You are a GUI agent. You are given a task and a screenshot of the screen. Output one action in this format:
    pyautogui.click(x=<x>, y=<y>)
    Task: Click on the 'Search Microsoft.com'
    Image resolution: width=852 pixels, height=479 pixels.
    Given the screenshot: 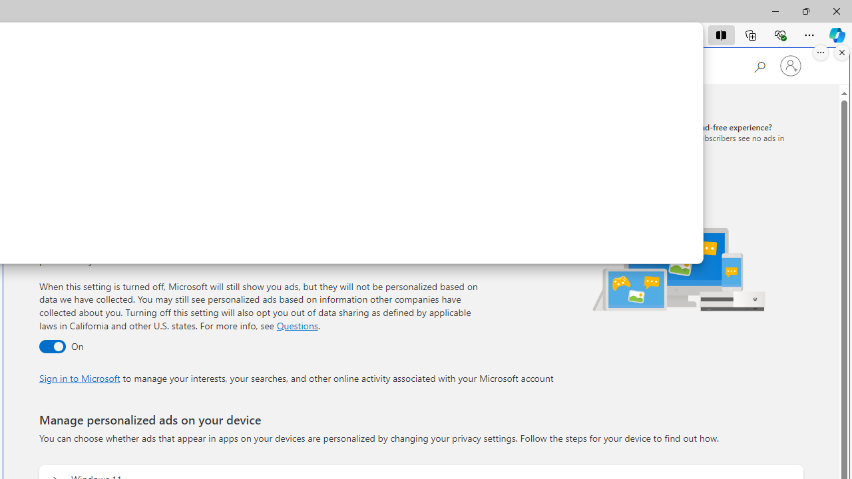 What is the action you would take?
    pyautogui.click(x=759, y=65)
    